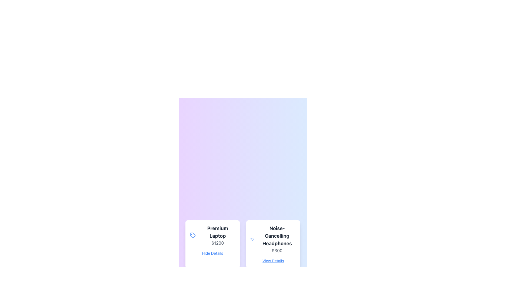 The height and width of the screenshot is (292, 519). What do you see at coordinates (193, 235) in the screenshot?
I see `the blue outlined tag icon located in the left column above the label 'Premium Laptop $1200'` at bounding box center [193, 235].